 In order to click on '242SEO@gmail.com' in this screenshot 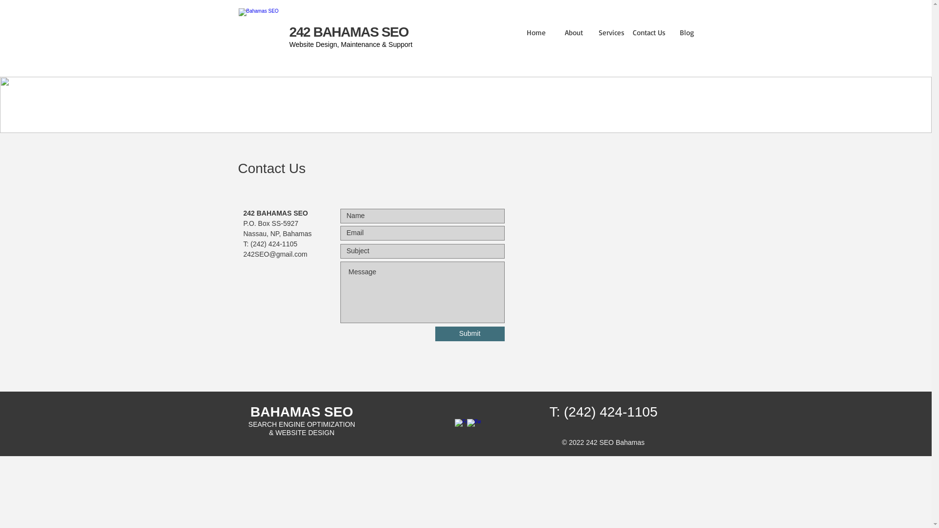, I will do `click(275, 254)`.